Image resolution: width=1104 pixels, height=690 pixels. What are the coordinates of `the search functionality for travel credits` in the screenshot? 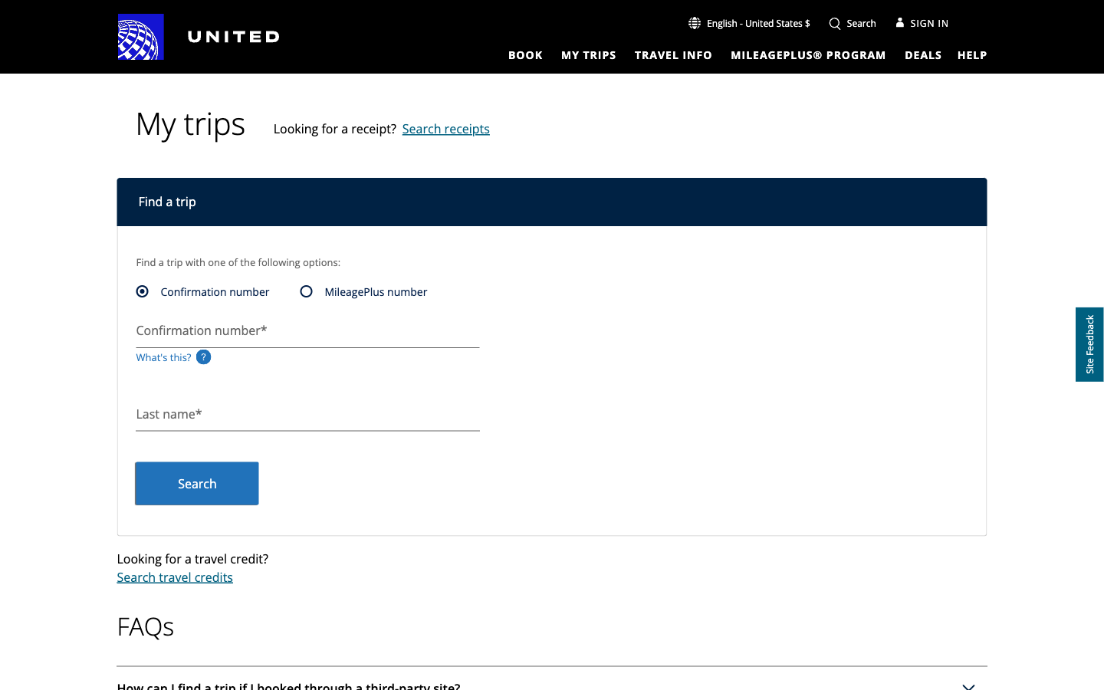 It's located at (174, 577).